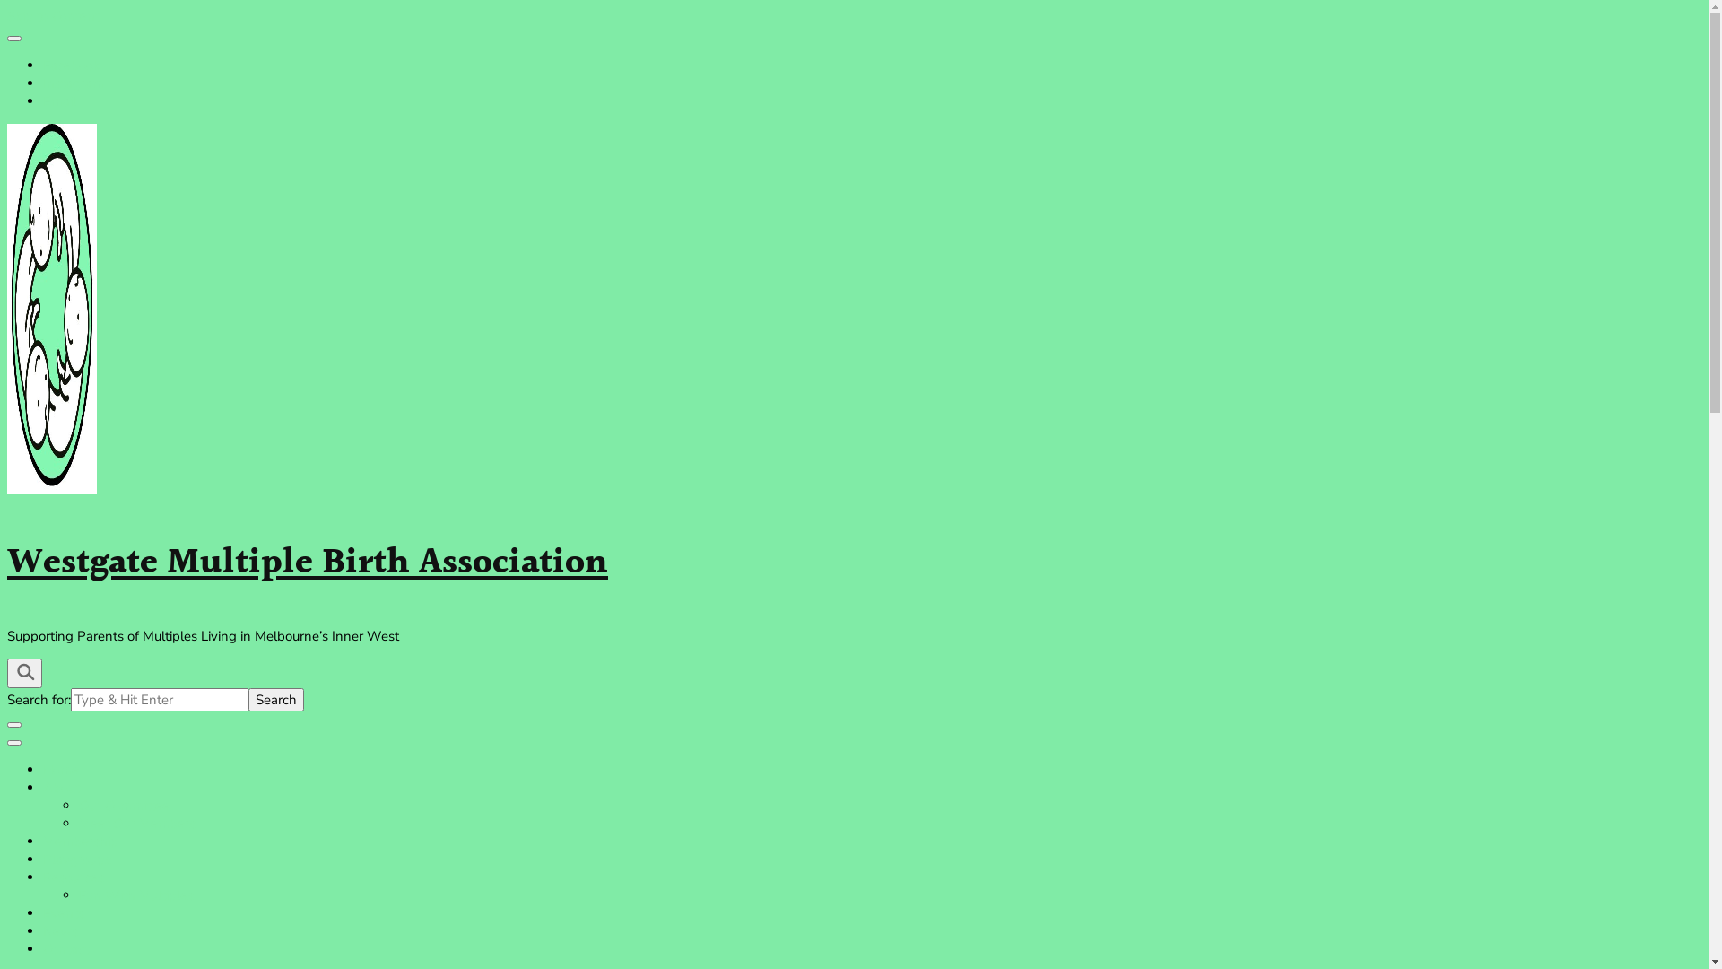 This screenshot has height=969, width=1722. What do you see at coordinates (43, 787) in the screenshot?
I see `'About'` at bounding box center [43, 787].